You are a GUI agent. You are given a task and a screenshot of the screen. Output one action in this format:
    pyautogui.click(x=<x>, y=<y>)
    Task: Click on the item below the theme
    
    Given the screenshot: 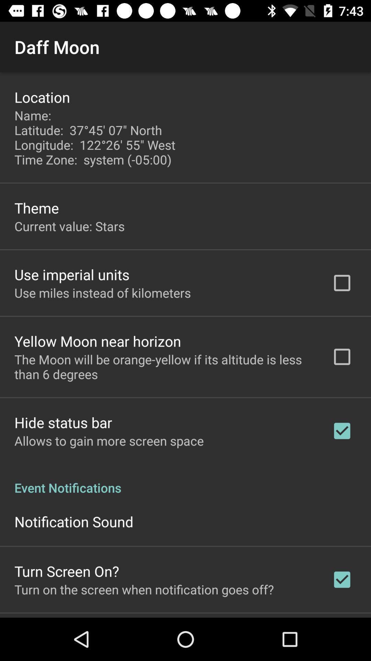 What is the action you would take?
    pyautogui.click(x=69, y=226)
    